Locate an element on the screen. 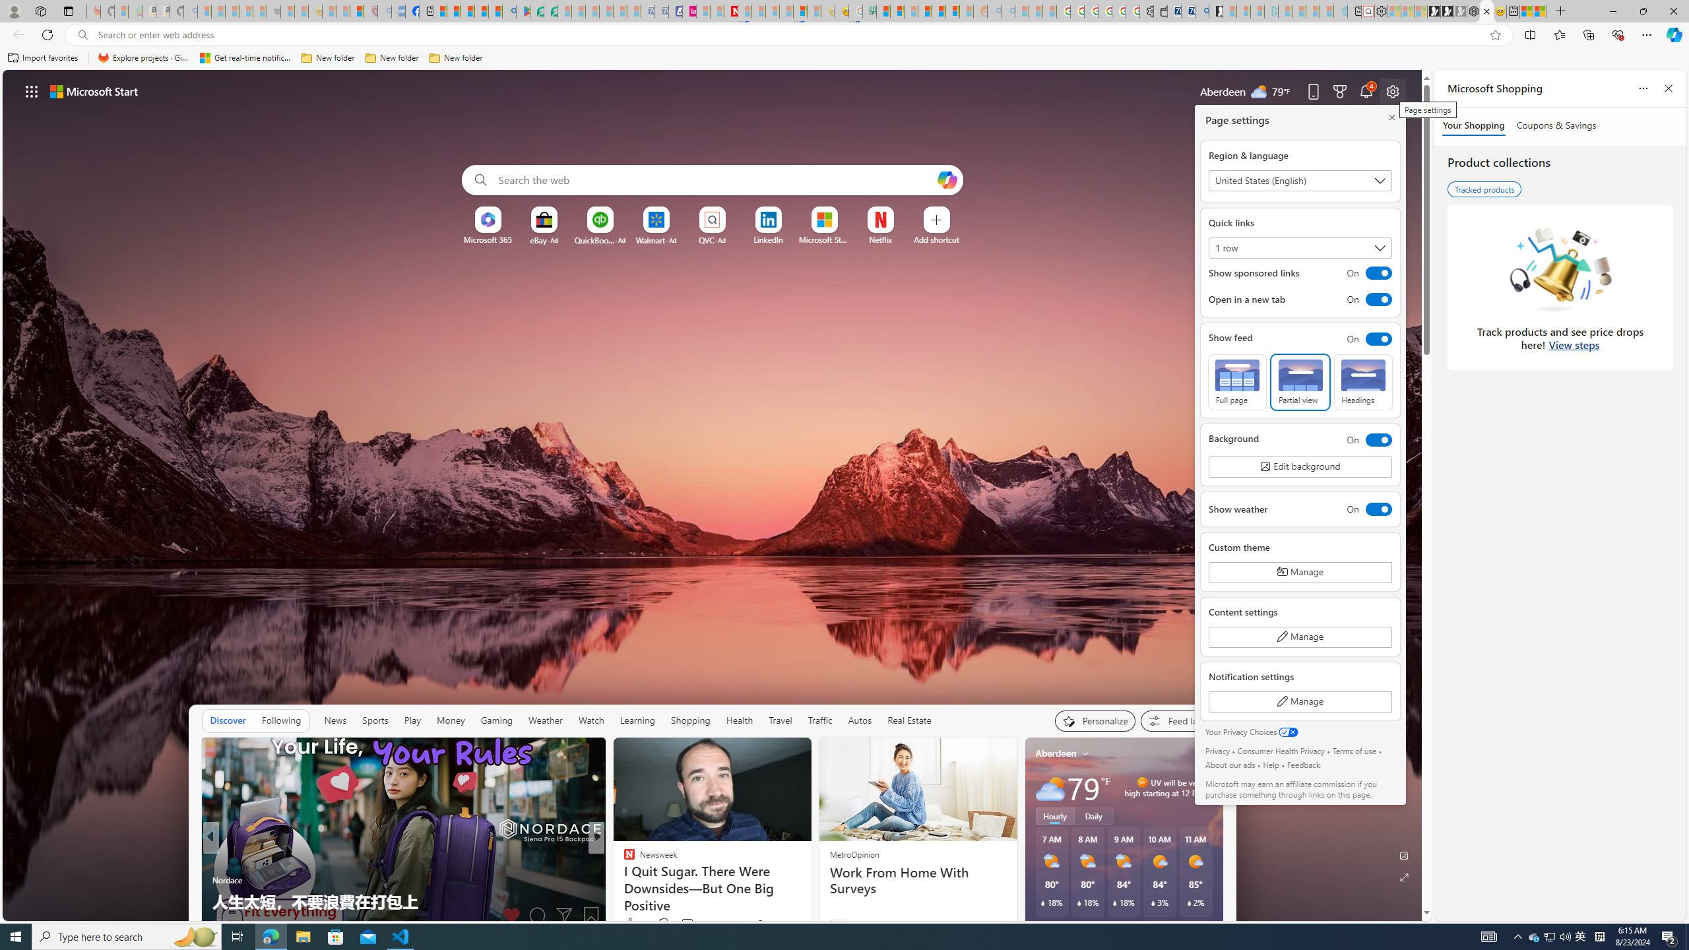  'Play' is located at coordinates (411, 720).